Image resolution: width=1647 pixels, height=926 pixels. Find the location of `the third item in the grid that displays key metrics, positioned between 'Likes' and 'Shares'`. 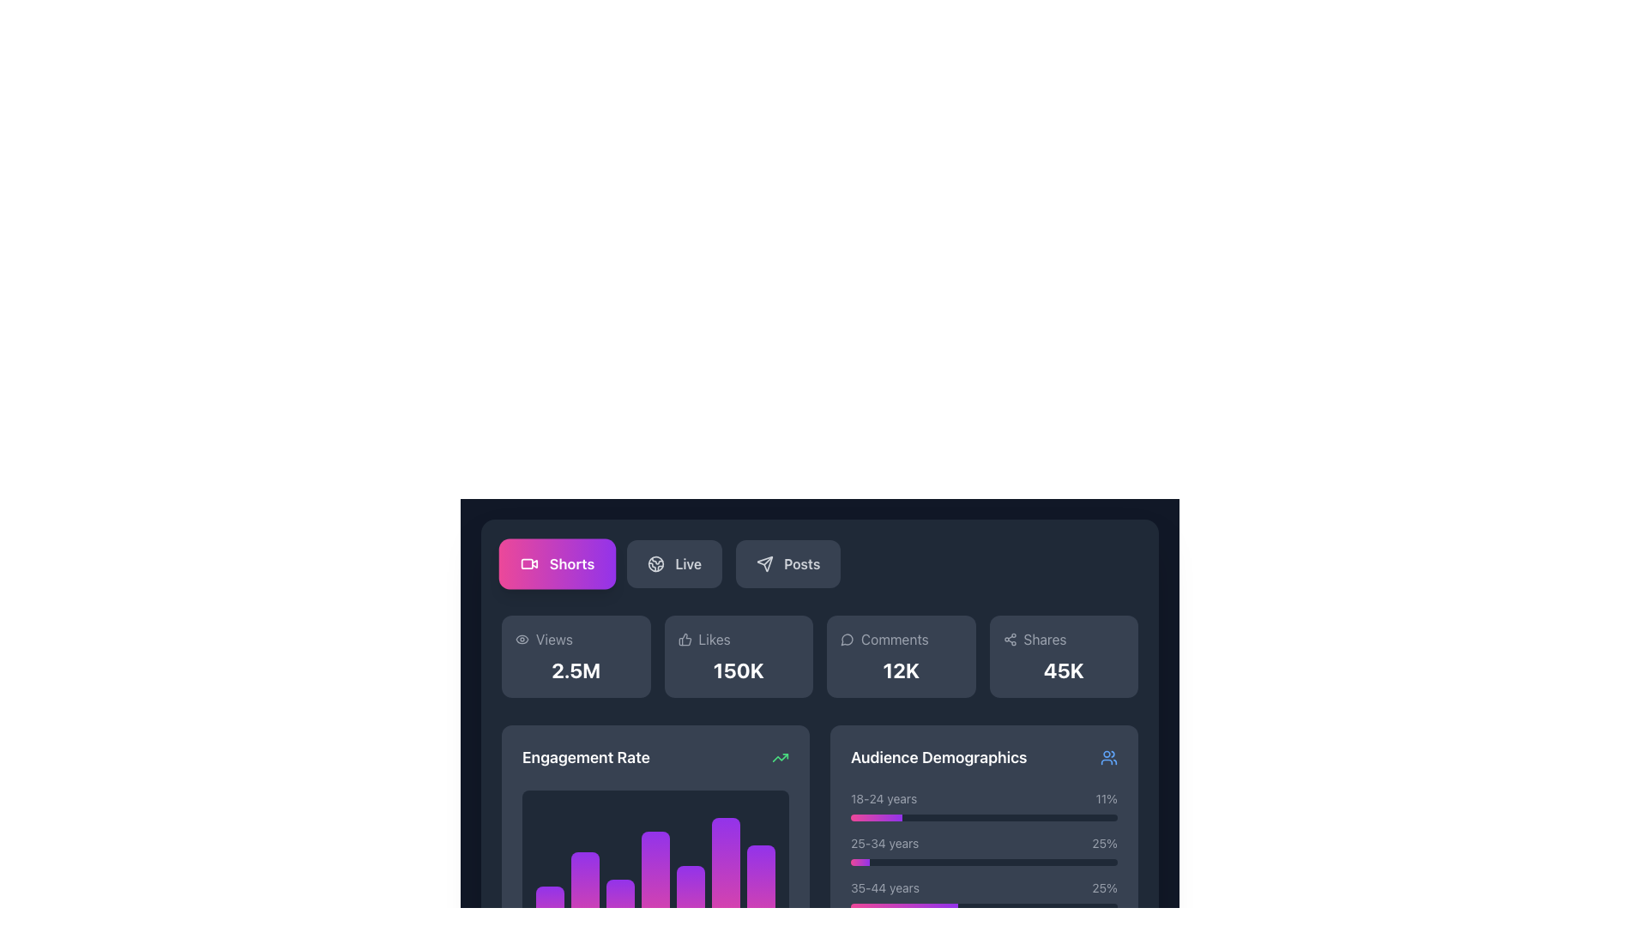

the third item in the grid that displays key metrics, positioned between 'Likes' and 'Shares' is located at coordinates (818, 656).